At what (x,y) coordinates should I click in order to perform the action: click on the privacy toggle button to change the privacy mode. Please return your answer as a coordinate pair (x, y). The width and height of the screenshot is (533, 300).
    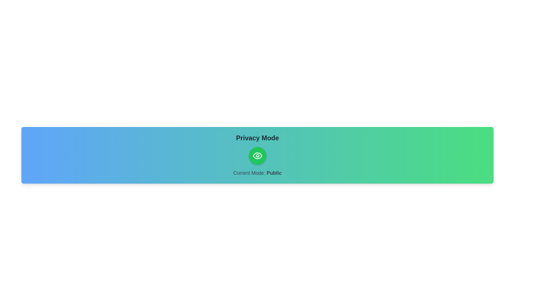
    Looking at the image, I should click on (257, 156).